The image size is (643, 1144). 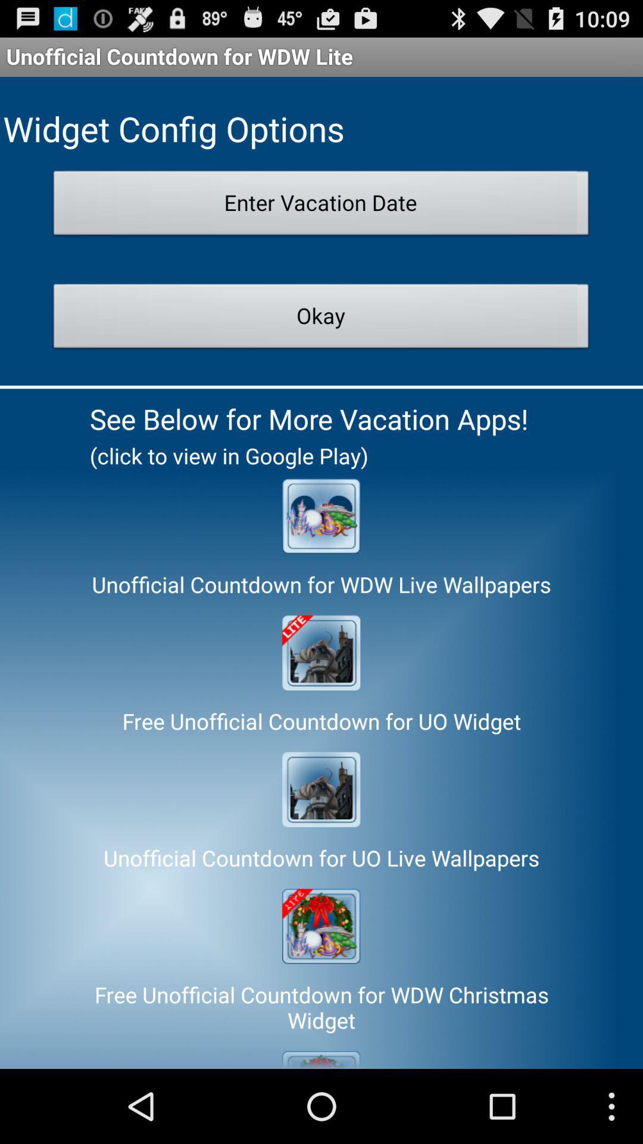 I want to click on the okay item, so click(x=320, y=319).